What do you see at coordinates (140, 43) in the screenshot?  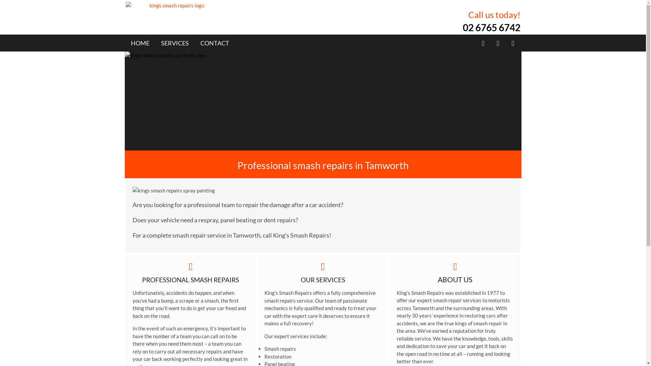 I see `'HOME'` at bounding box center [140, 43].